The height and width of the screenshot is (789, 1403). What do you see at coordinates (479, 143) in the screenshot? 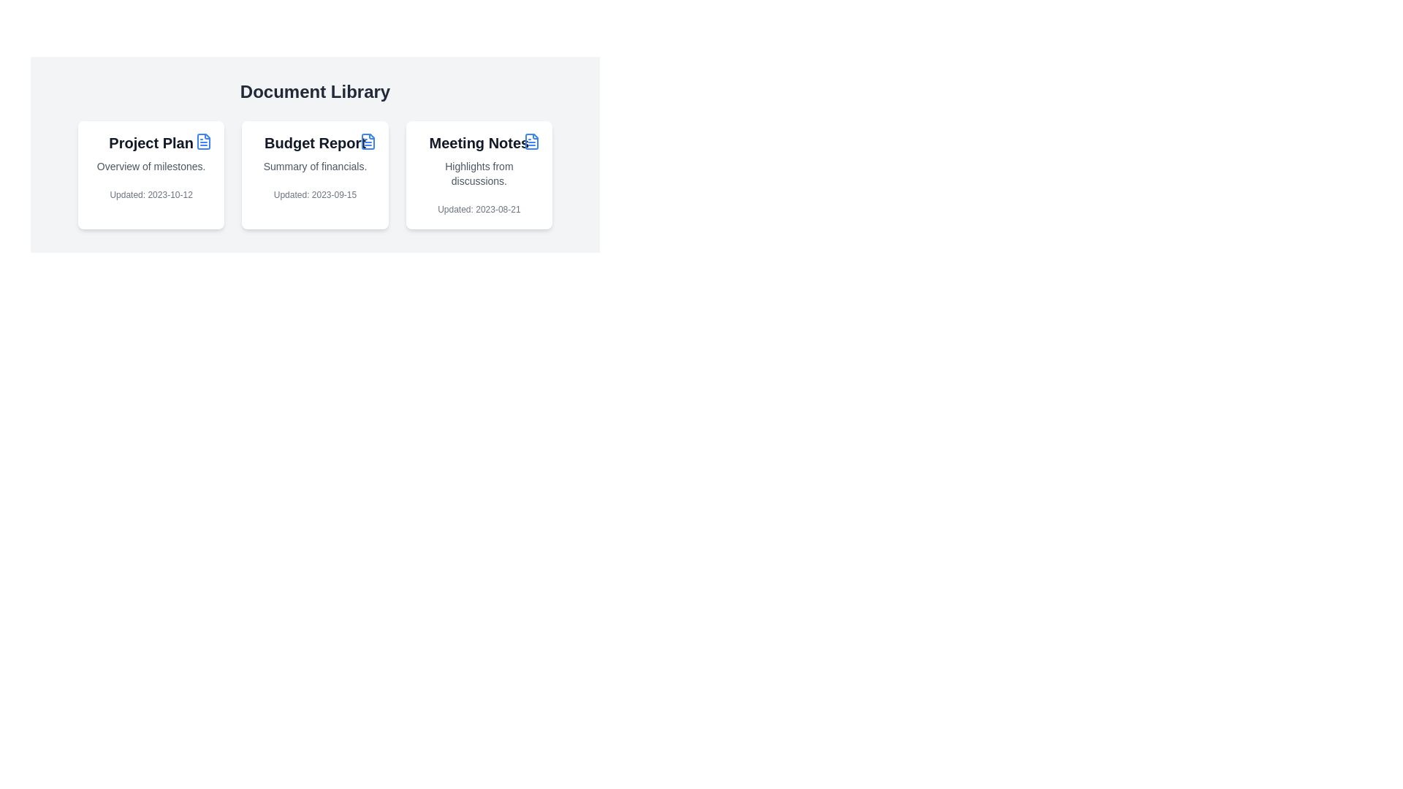
I see `text label that says 'Meeting Notes', which is styled in bold, large sans-serif font and located at the top of the rightmost card under the 'Document Library' heading` at bounding box center [479, 143].